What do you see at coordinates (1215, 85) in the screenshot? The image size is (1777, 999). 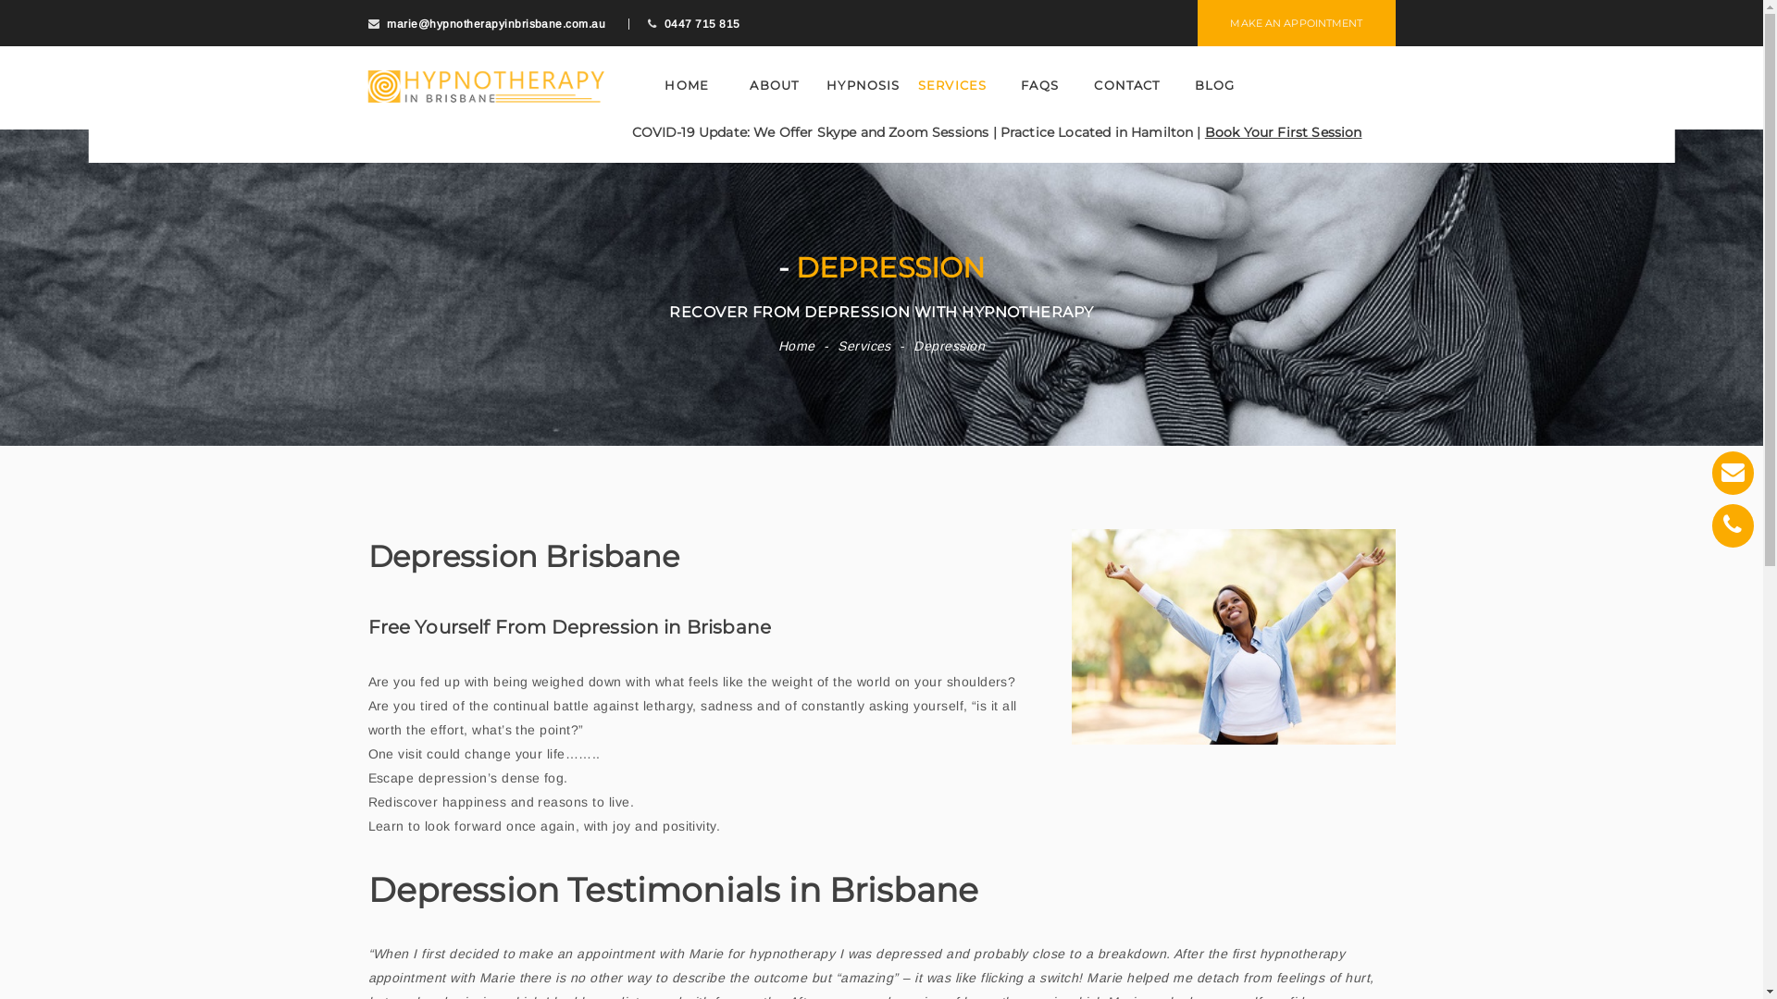 I see `'BLOG'` at bounding box center [1215, 85].